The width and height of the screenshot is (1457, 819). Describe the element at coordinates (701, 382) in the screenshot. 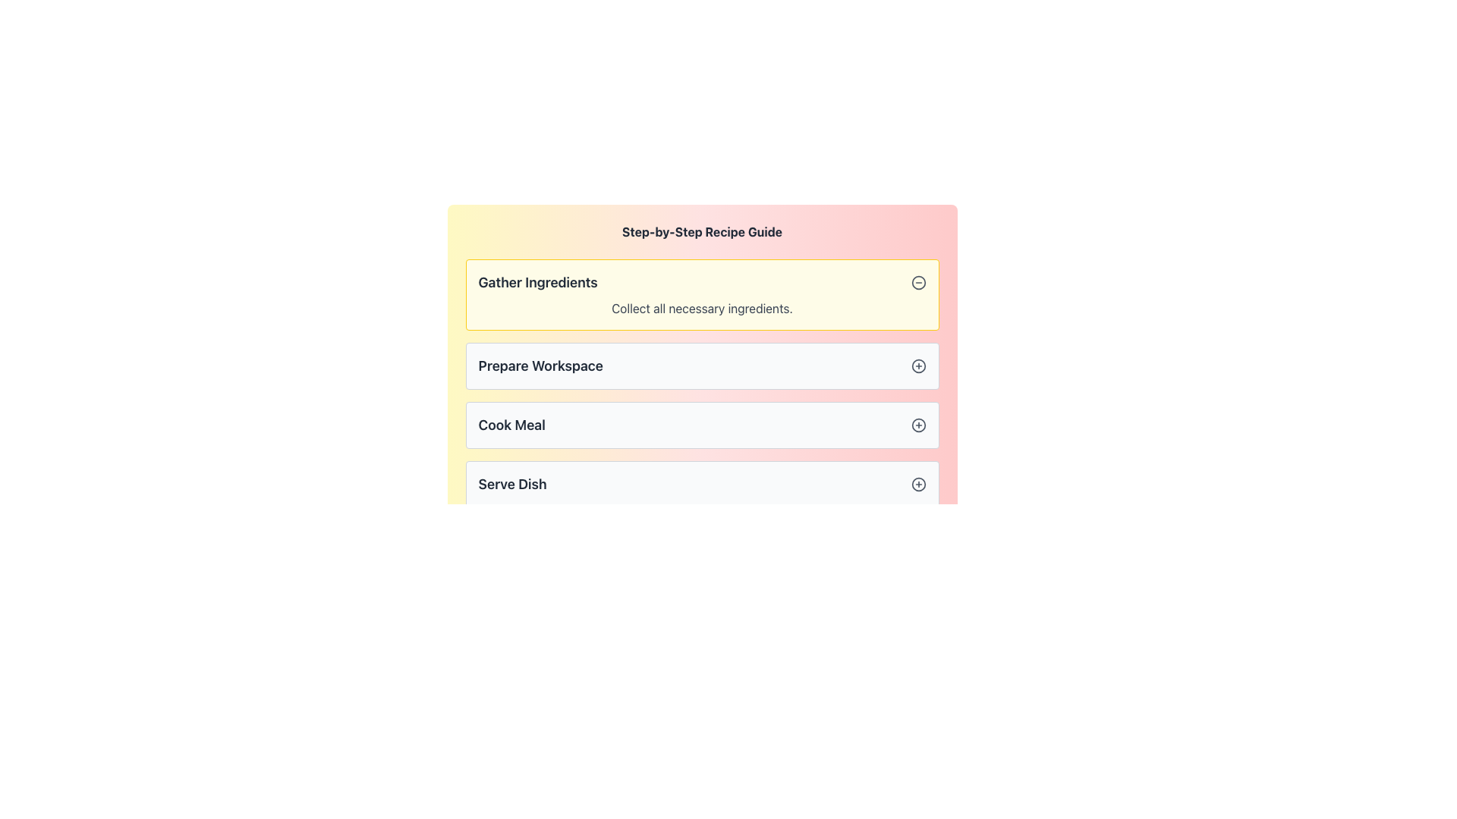

I see `the plus icon on the 'Prepare Workspace' interactive section header` at that location.